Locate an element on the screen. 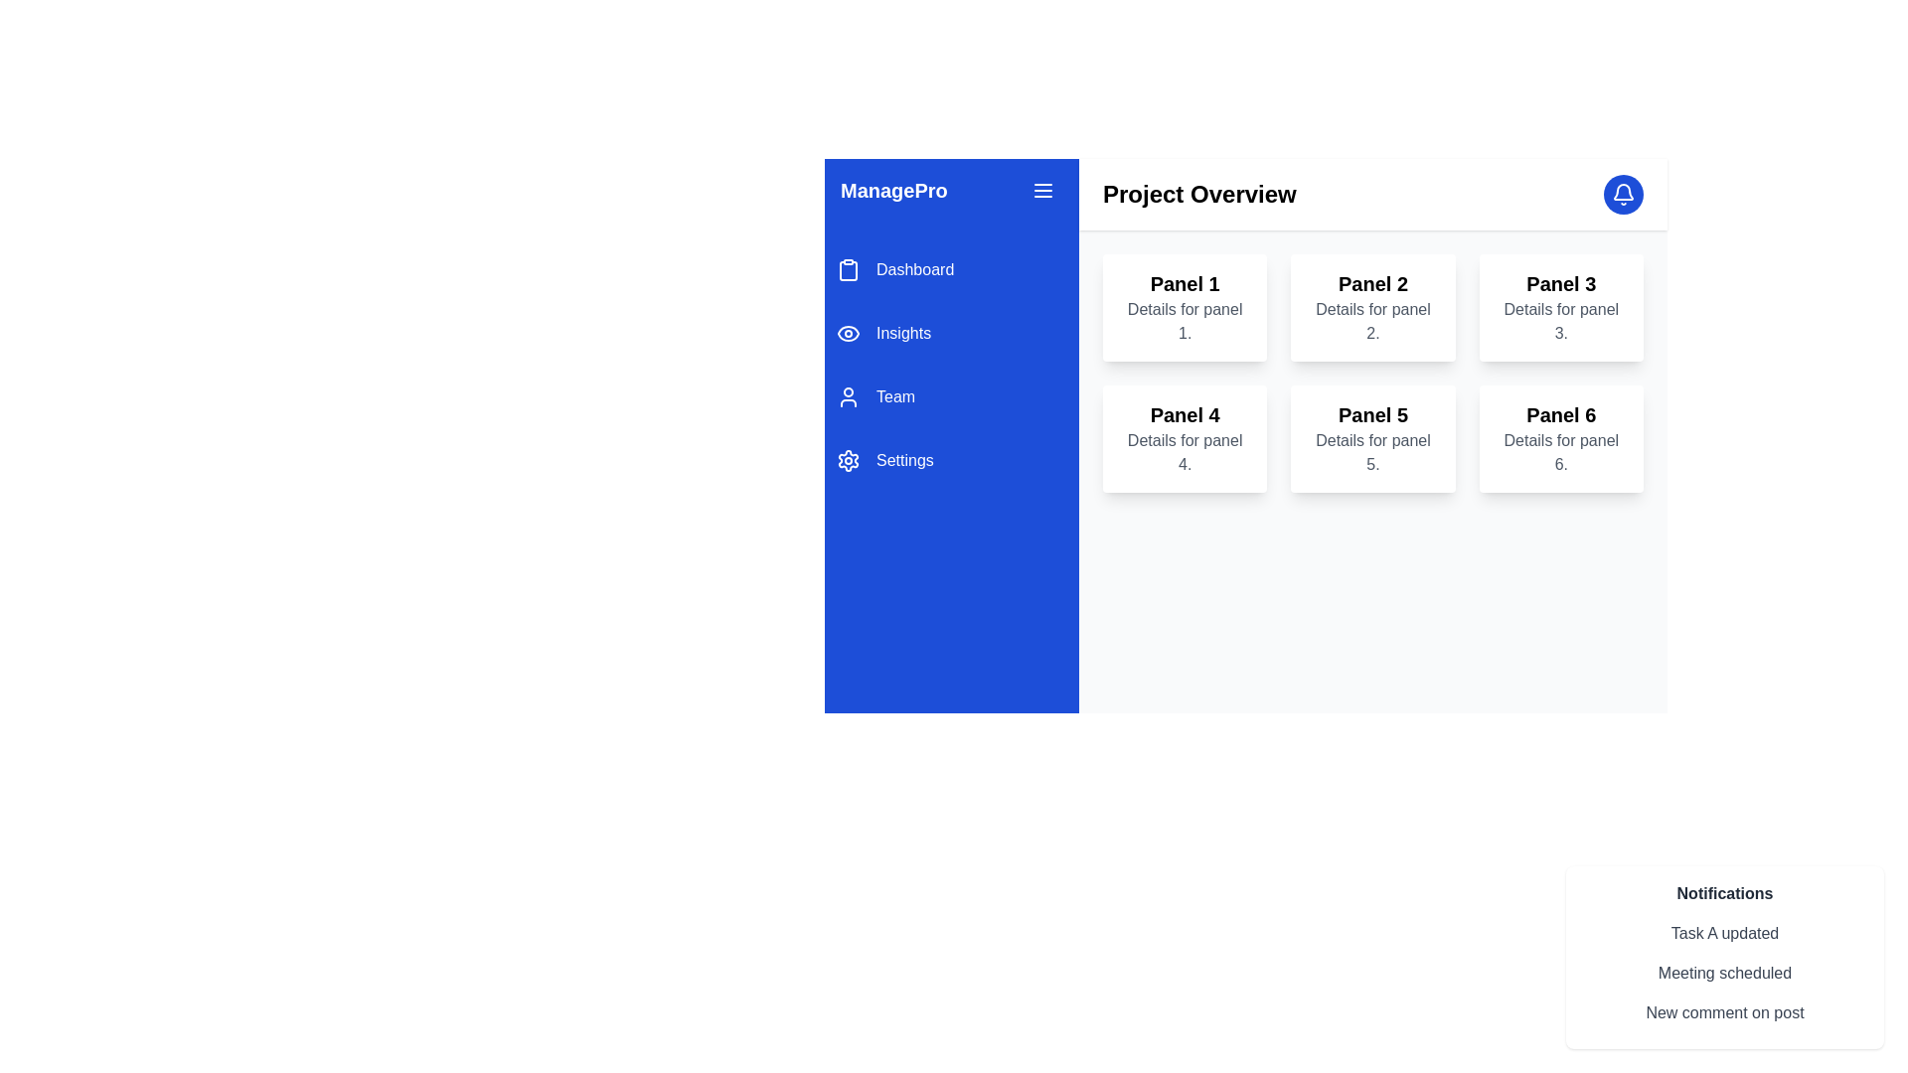 The height and width of the screenshot is (1073, 1908). the static text label displaying 'Details for panel 2.' which is located under the header 'Panel 2.' is located at coordinates (1372, 321).